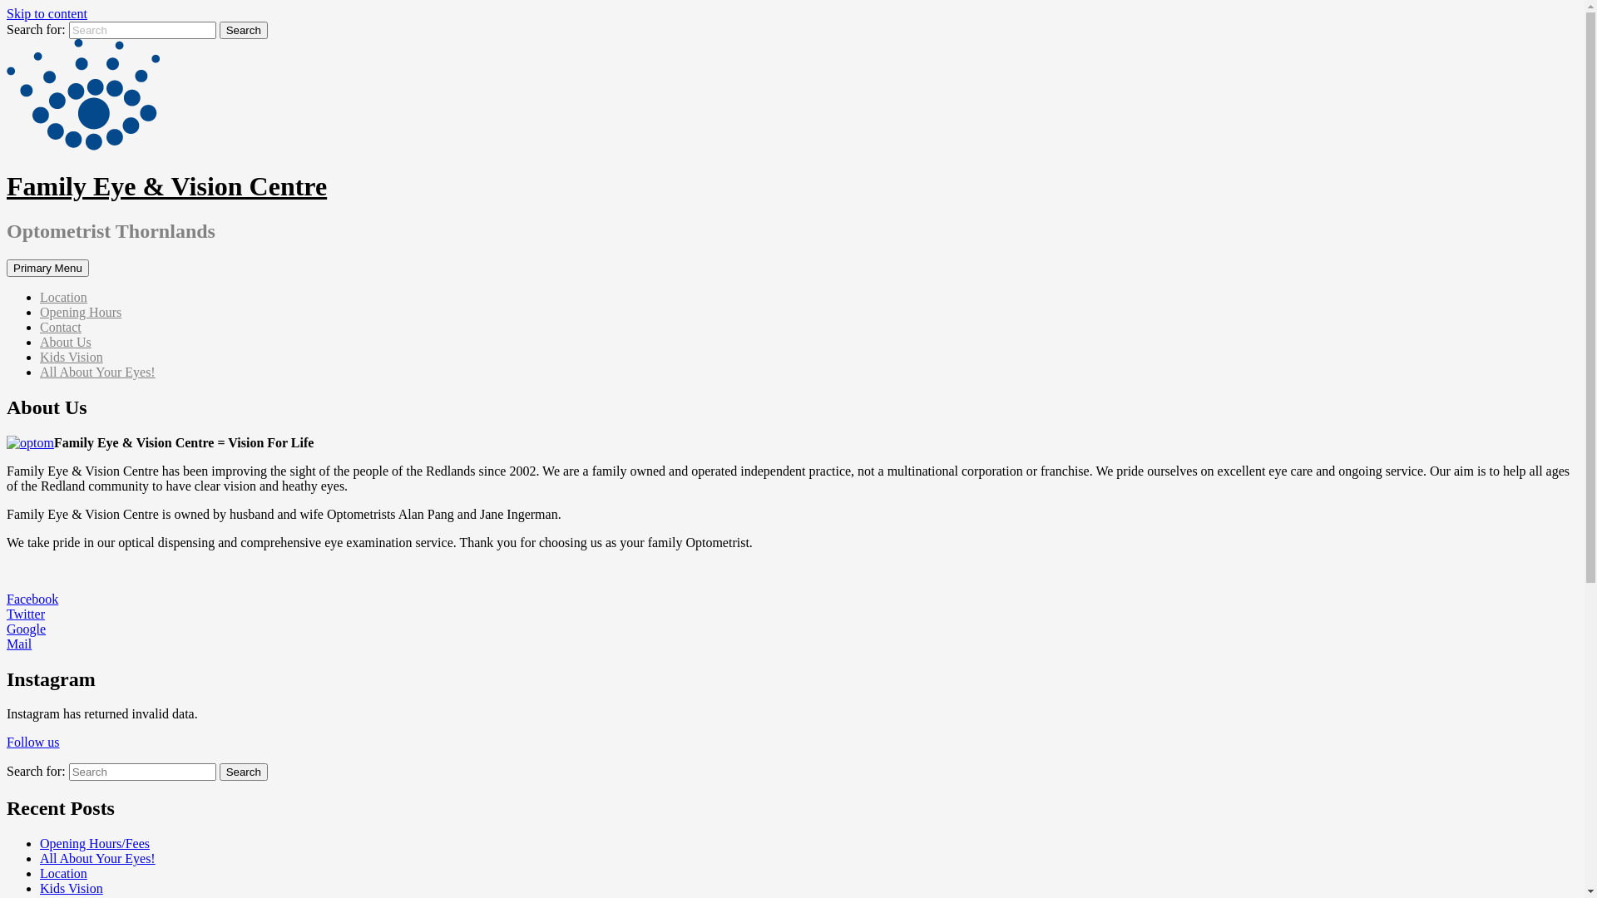 The height and width of the screenshot is (898, 1597). What do you see at coordinates (19, 643) in the screenshot?
I see `'Mail'` at bounding box center [19, 643].